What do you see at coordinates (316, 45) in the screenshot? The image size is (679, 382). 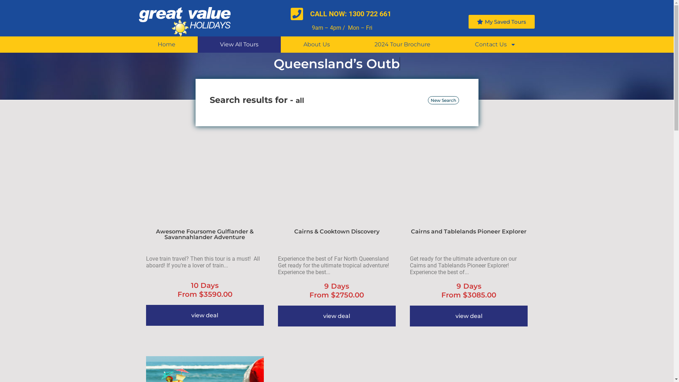 I see `'About Us'` at bounding box center [316, 45].